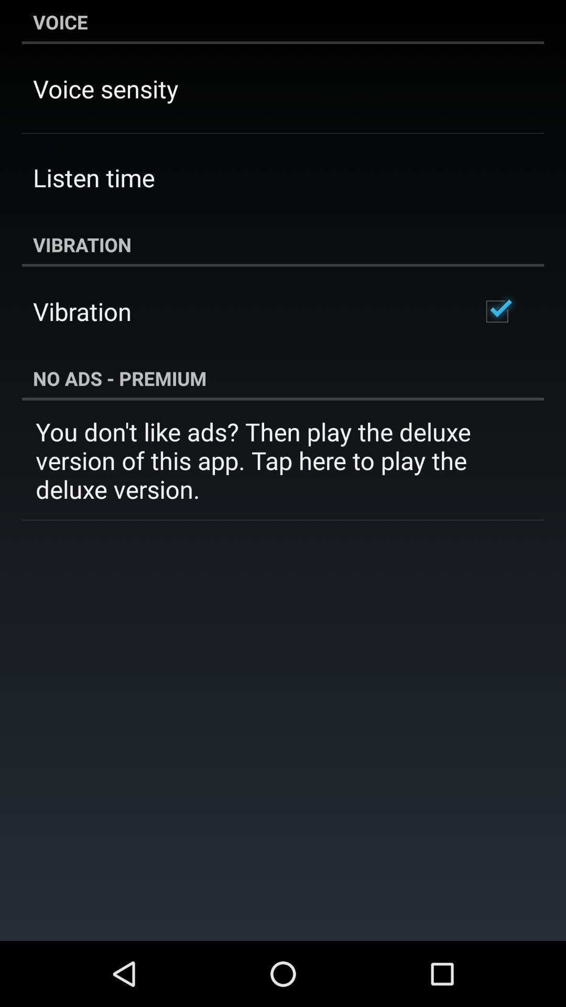  I want to click on listen time item, so click(93, 177).